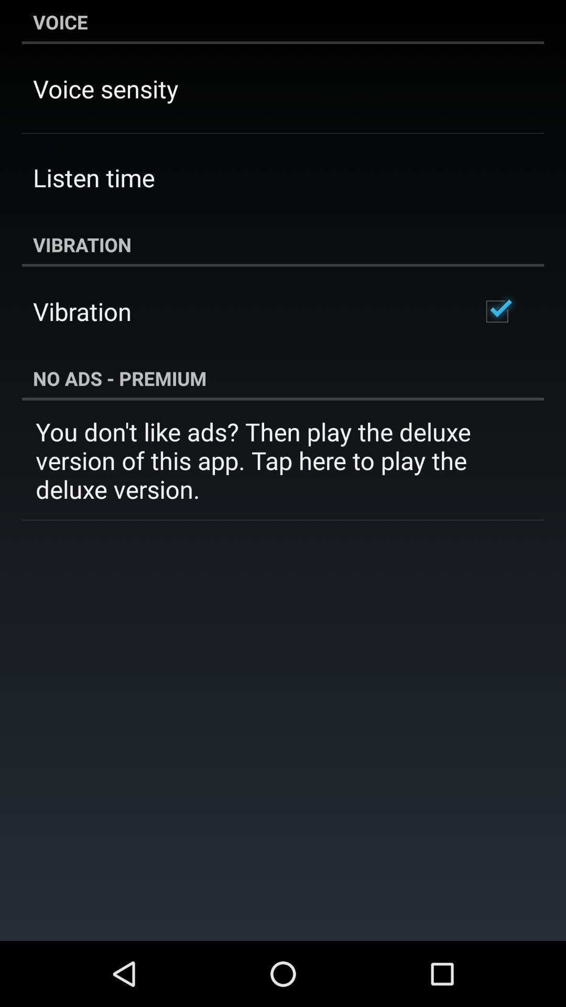  I want to click on listen time item, so click(93, 177).